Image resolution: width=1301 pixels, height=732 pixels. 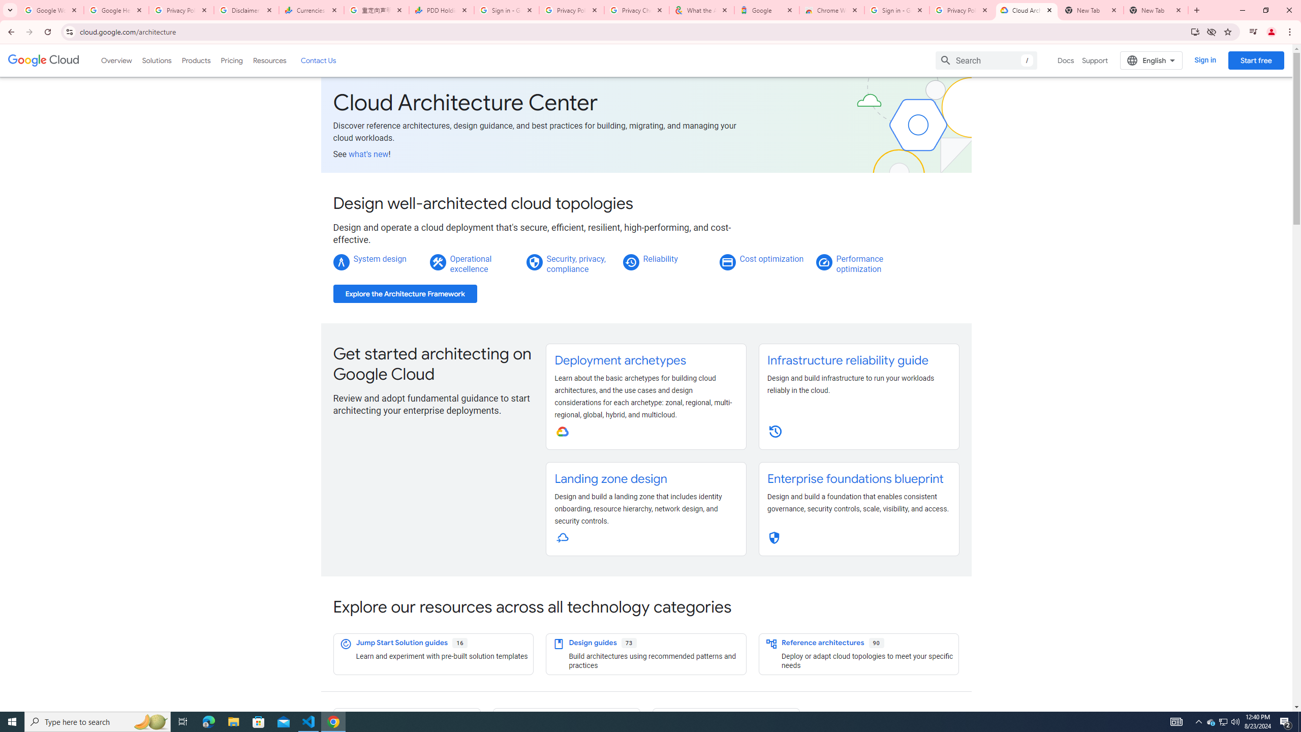 What do you see at coordinates (847, 360) in the screenshot?
I see `'Infrastructure reliability guide'` at bounding box center [847, 360].